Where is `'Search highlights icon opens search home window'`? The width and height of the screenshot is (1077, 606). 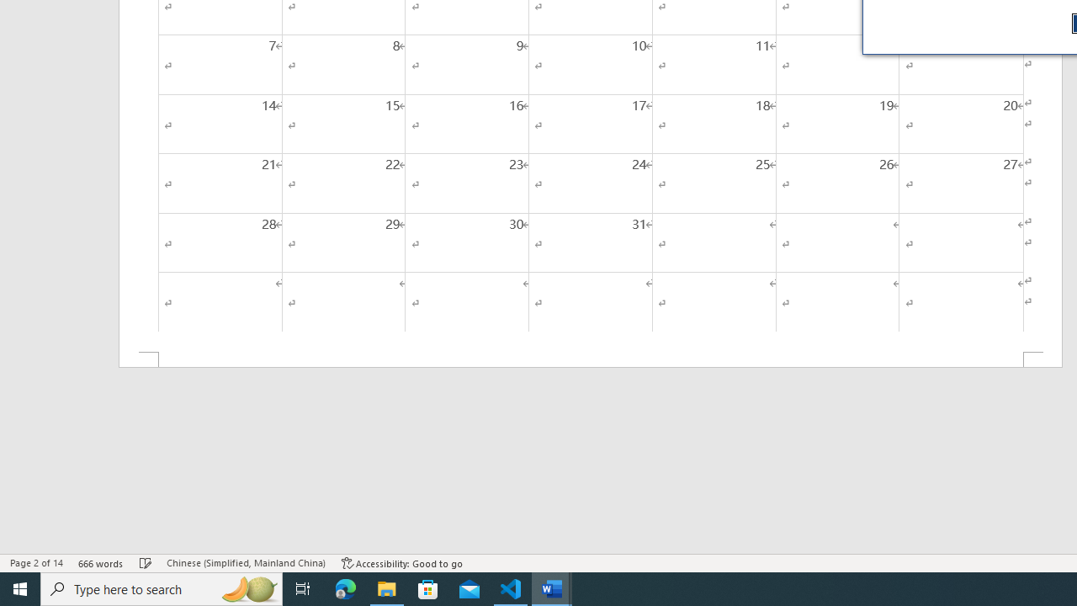 'Search highlights icon opens search home window' is located at coordinates (247, 587).